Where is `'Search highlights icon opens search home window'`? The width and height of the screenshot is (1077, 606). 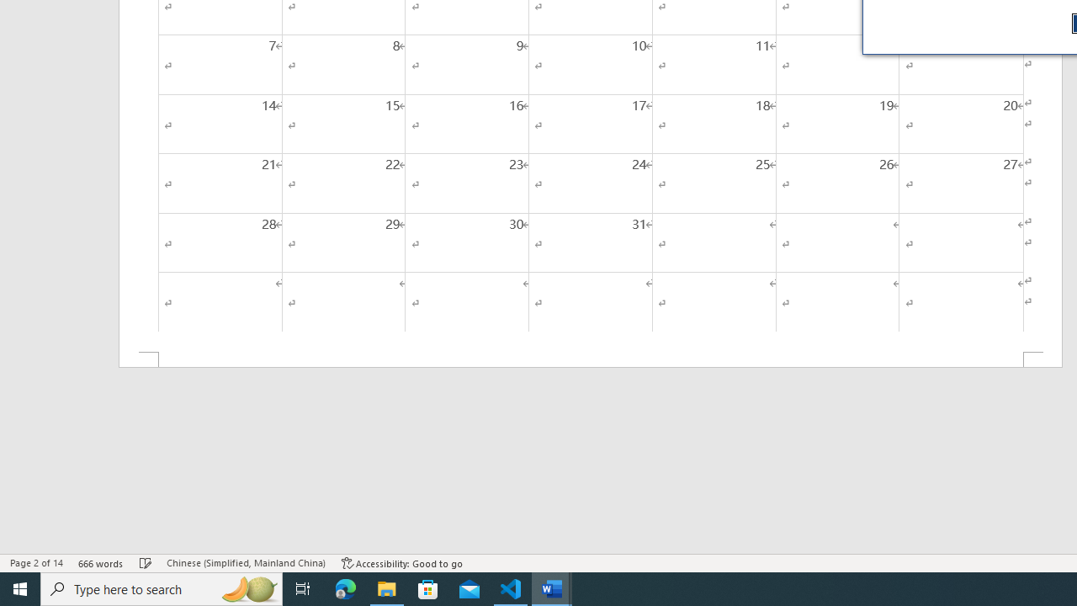 'Search highlights icon opens search home window' is located at coordinates (247, 587).